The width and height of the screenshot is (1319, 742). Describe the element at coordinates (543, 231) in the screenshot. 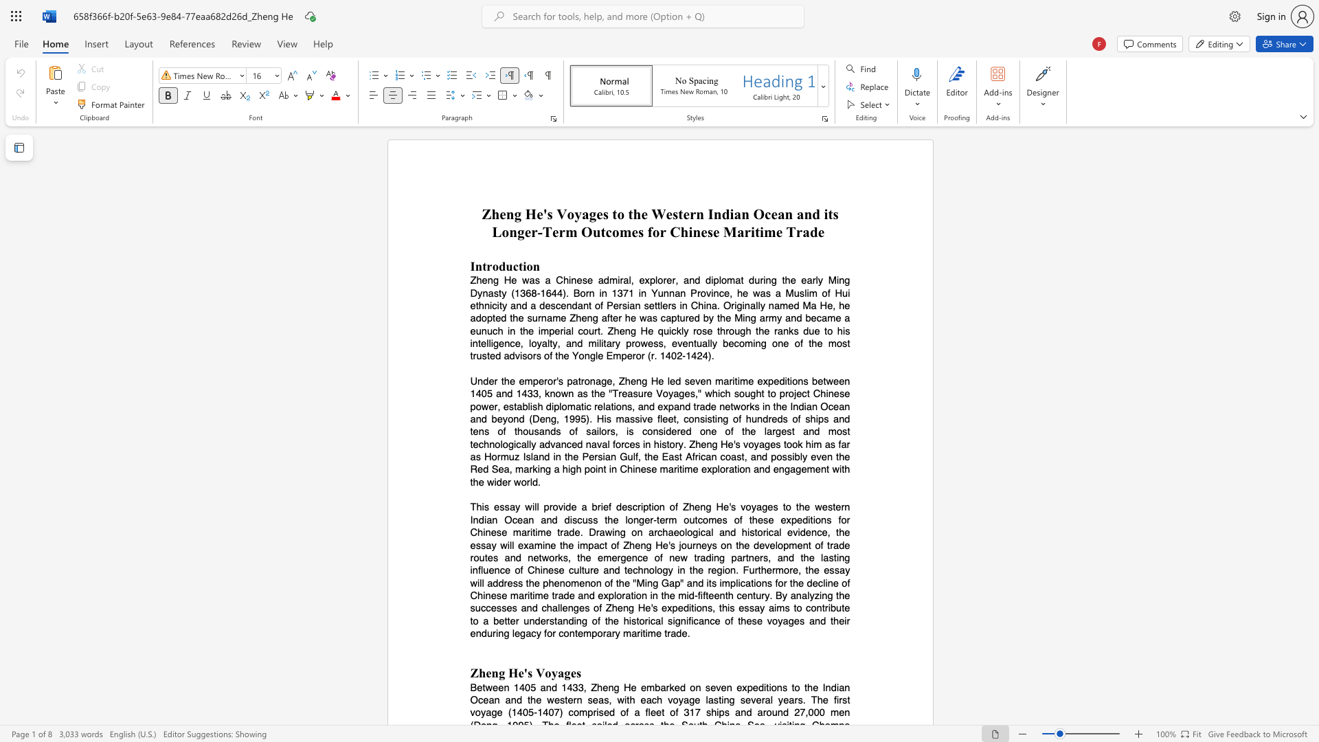

I see `the space between the continuous character "-" and "T" in the text` at that location.